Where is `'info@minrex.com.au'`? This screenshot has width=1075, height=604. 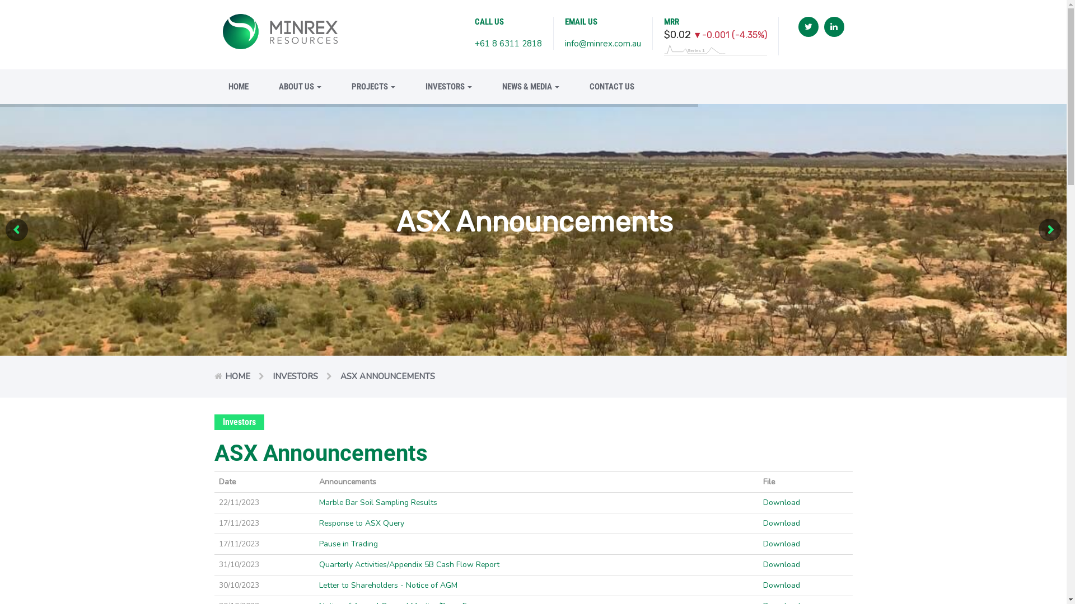 'info@minrex.com.au' is located at coordinates (564, 43).